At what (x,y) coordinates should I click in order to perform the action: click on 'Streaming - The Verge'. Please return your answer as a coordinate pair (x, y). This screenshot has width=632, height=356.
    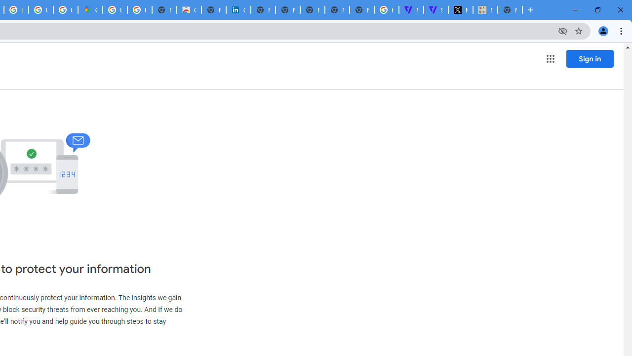
    Looking at the image, I should click on (435, 10).